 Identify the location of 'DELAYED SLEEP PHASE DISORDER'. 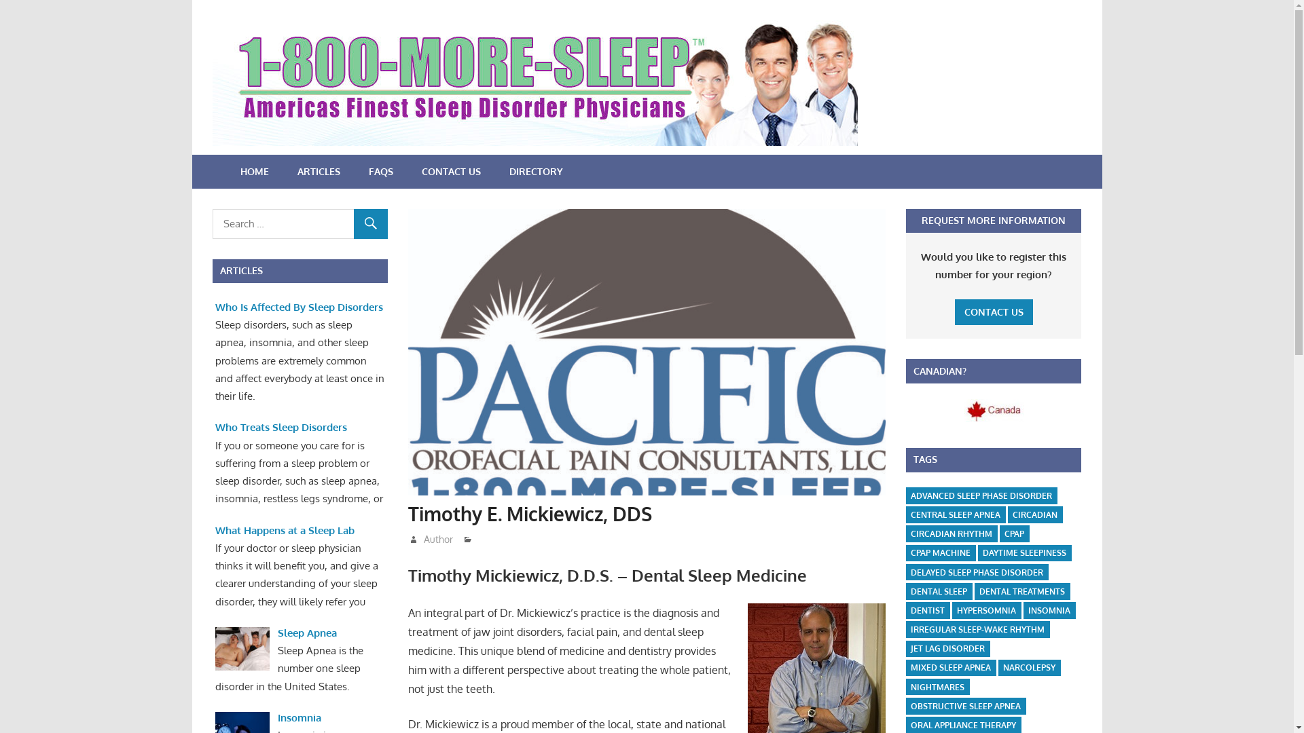
(976, 572).